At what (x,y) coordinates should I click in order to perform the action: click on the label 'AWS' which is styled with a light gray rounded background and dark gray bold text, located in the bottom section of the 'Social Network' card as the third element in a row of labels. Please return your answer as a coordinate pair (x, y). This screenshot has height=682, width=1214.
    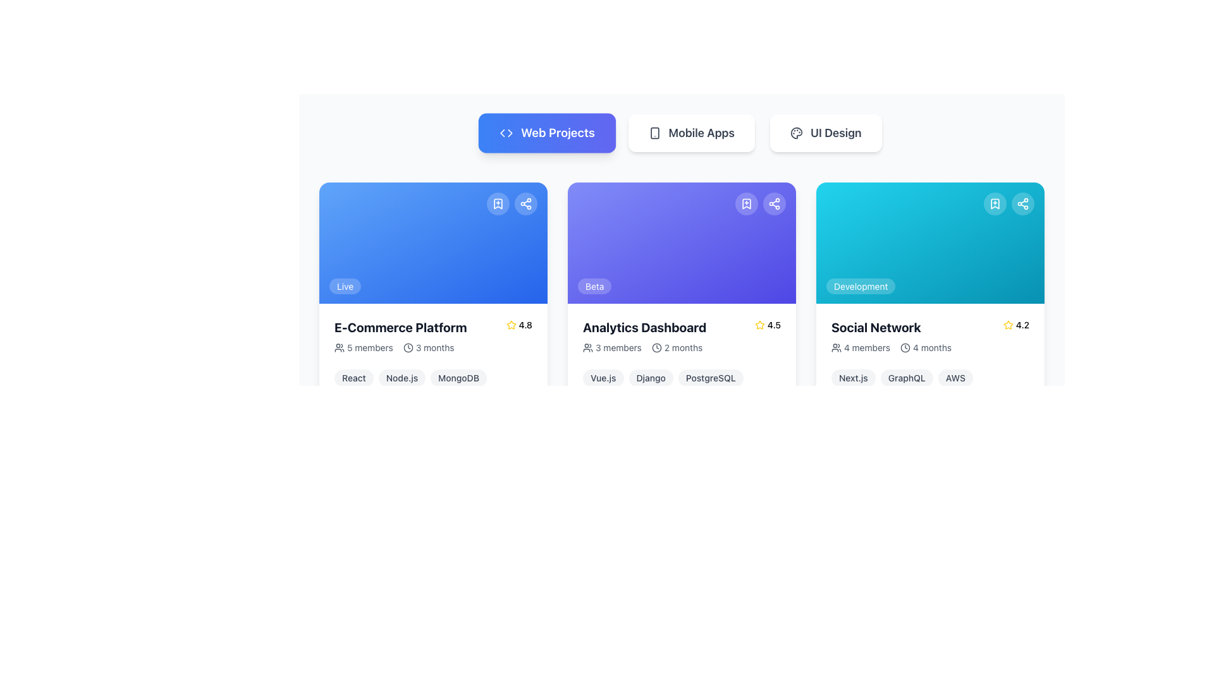
    Looking at the image, I should click on (955, 377).